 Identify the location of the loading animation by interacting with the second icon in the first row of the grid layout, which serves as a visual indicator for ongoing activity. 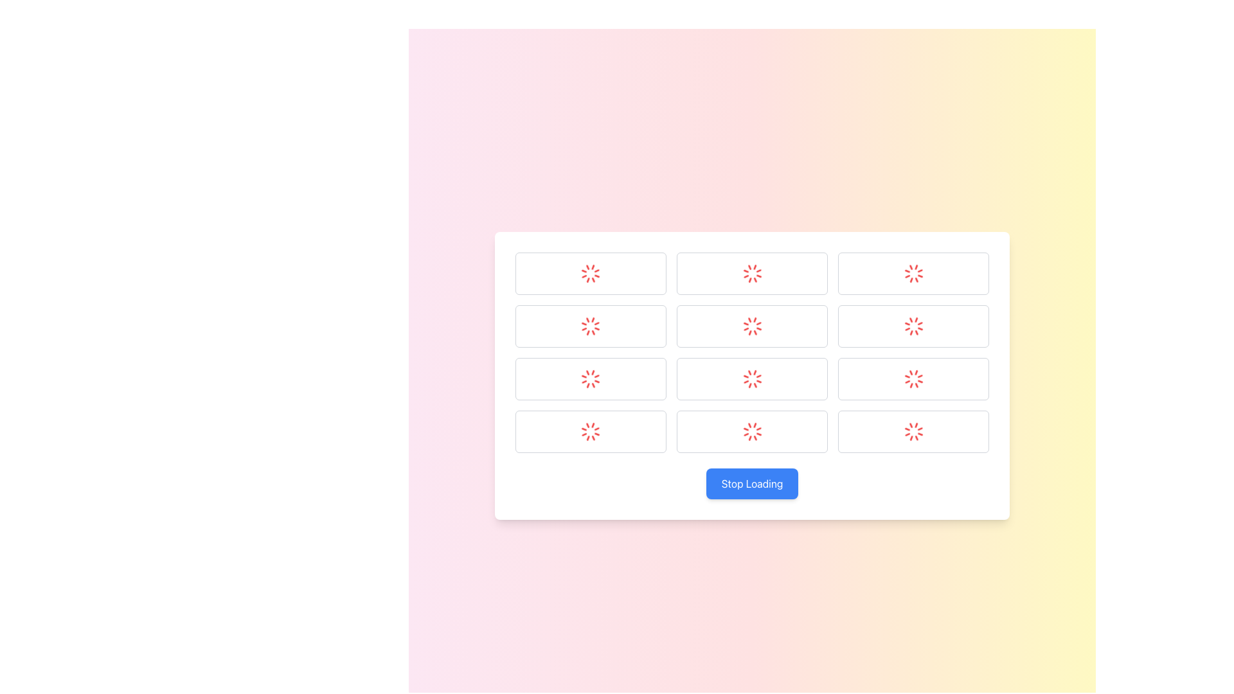
(752, 272).